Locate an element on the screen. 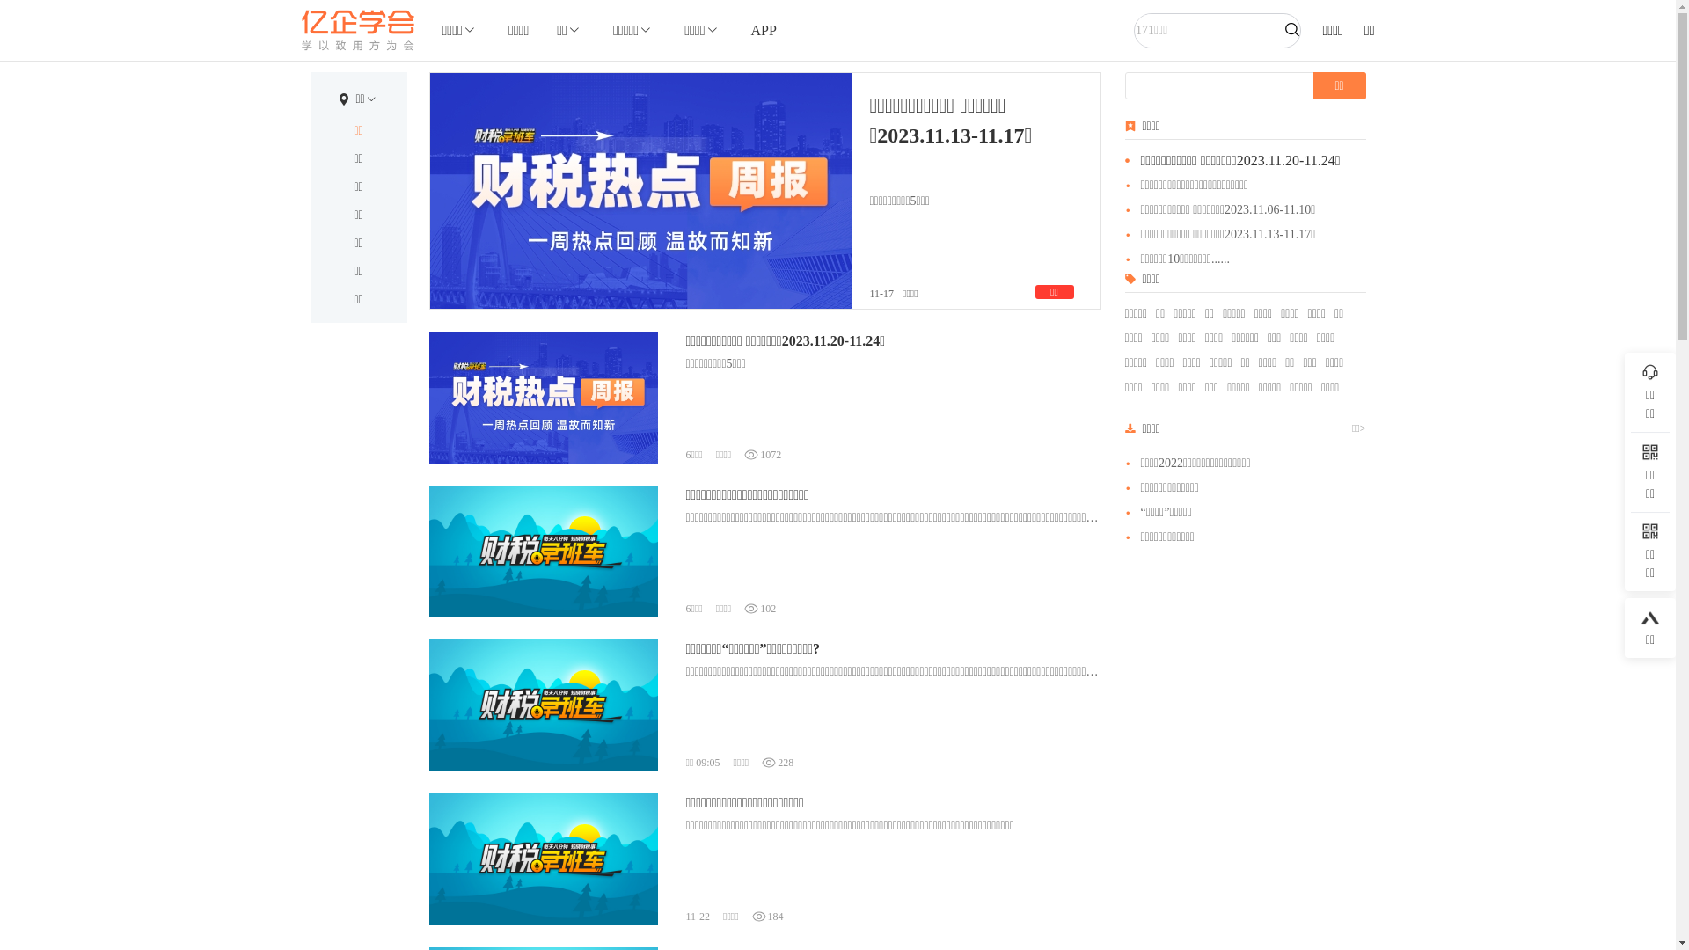  'APP' is located at coordinates (764, 30).